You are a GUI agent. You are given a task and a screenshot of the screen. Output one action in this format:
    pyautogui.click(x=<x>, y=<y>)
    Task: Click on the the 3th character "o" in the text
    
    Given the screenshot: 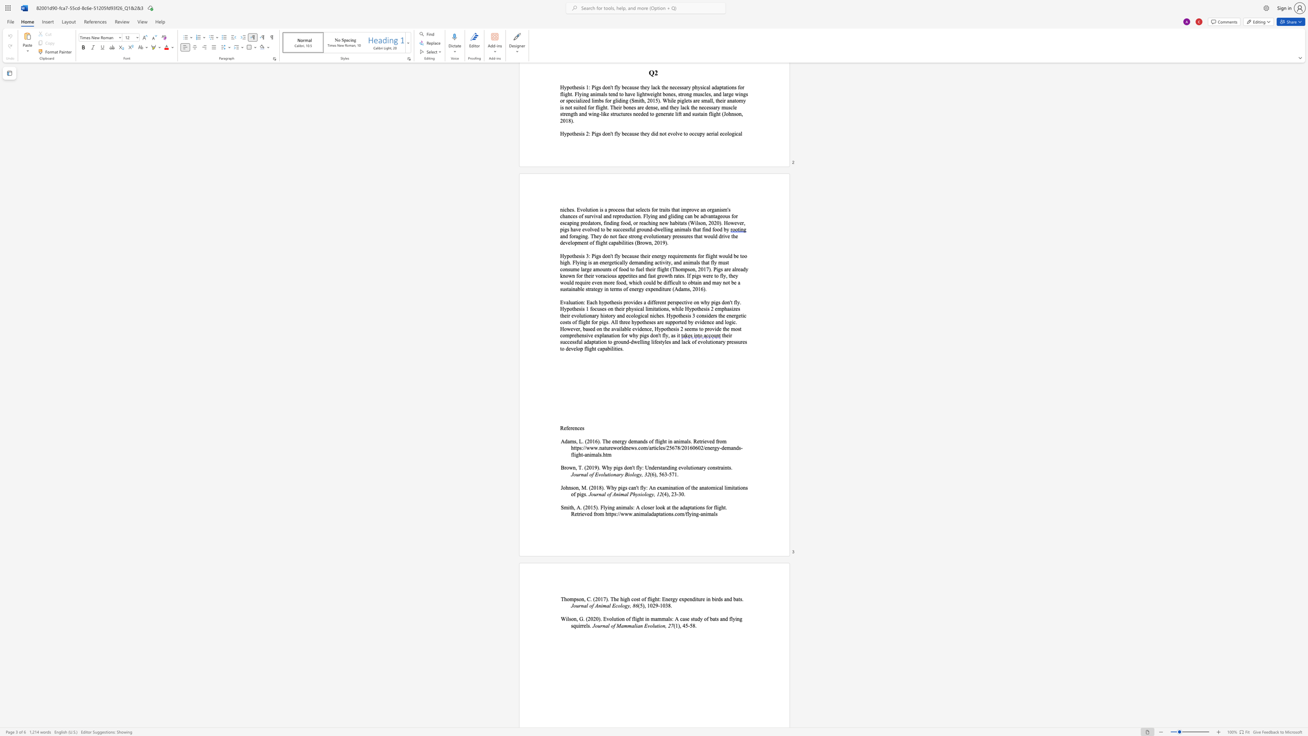 What is the action you would take?
    pyautogui.click(x=650, y=625)
    